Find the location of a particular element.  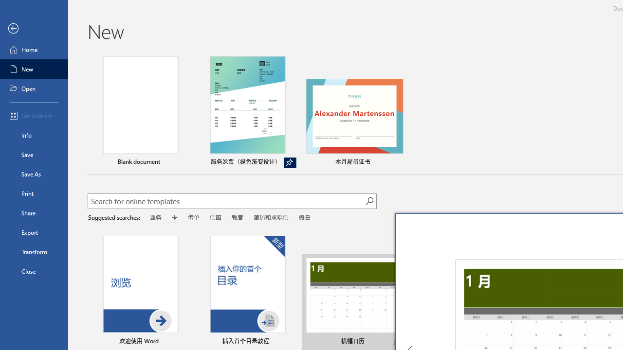

'Blank document' is located at coordinates (140, 112).